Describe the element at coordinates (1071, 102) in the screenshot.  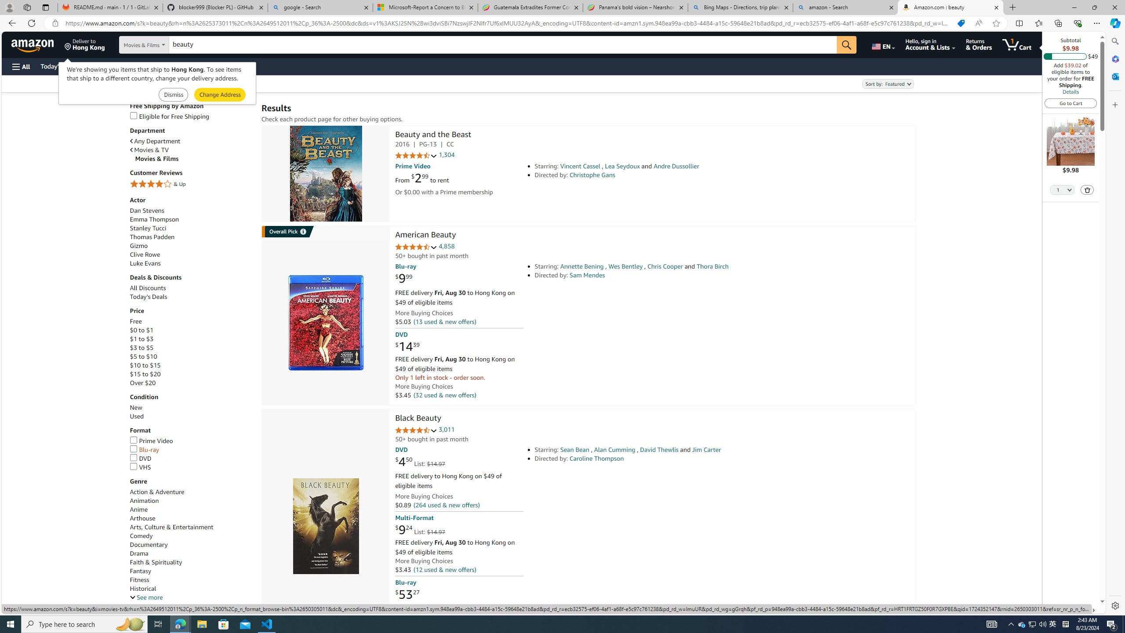
I see `'Go to Cart'` at that location.